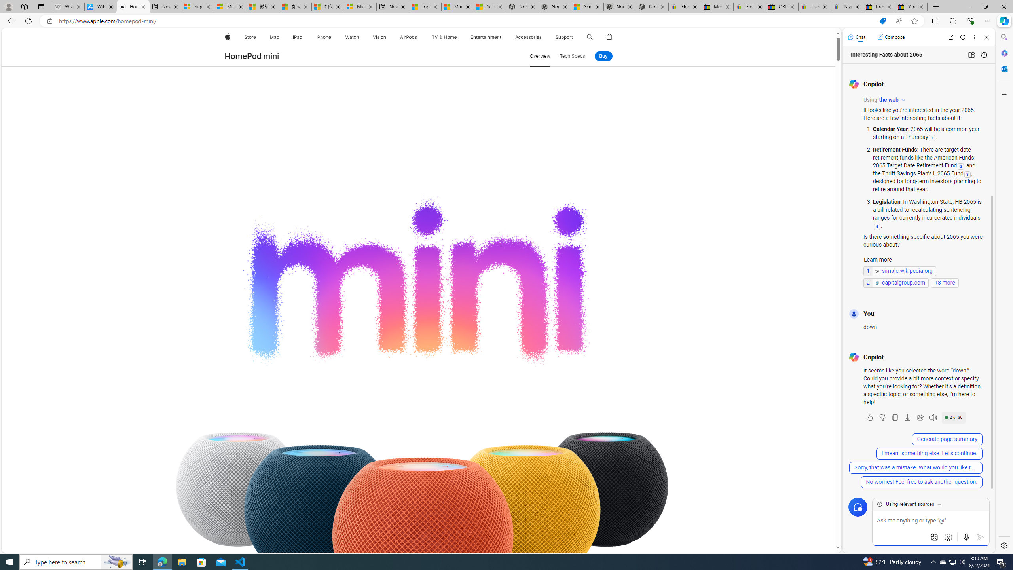  Describe the element at coordinates (418, 37) in the screenshot. I see `'AirPods menu'` at that location.